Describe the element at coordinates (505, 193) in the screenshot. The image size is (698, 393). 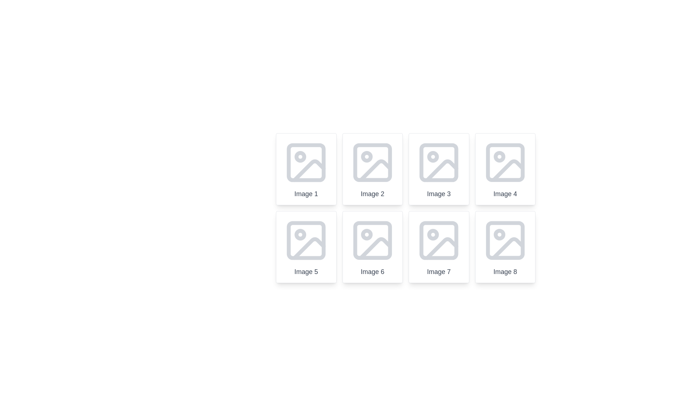
I see `the static text label that identifies the image placeholder for 'Image 4', located directly below it in the top-right quadrant of the main grid structure` at that location.